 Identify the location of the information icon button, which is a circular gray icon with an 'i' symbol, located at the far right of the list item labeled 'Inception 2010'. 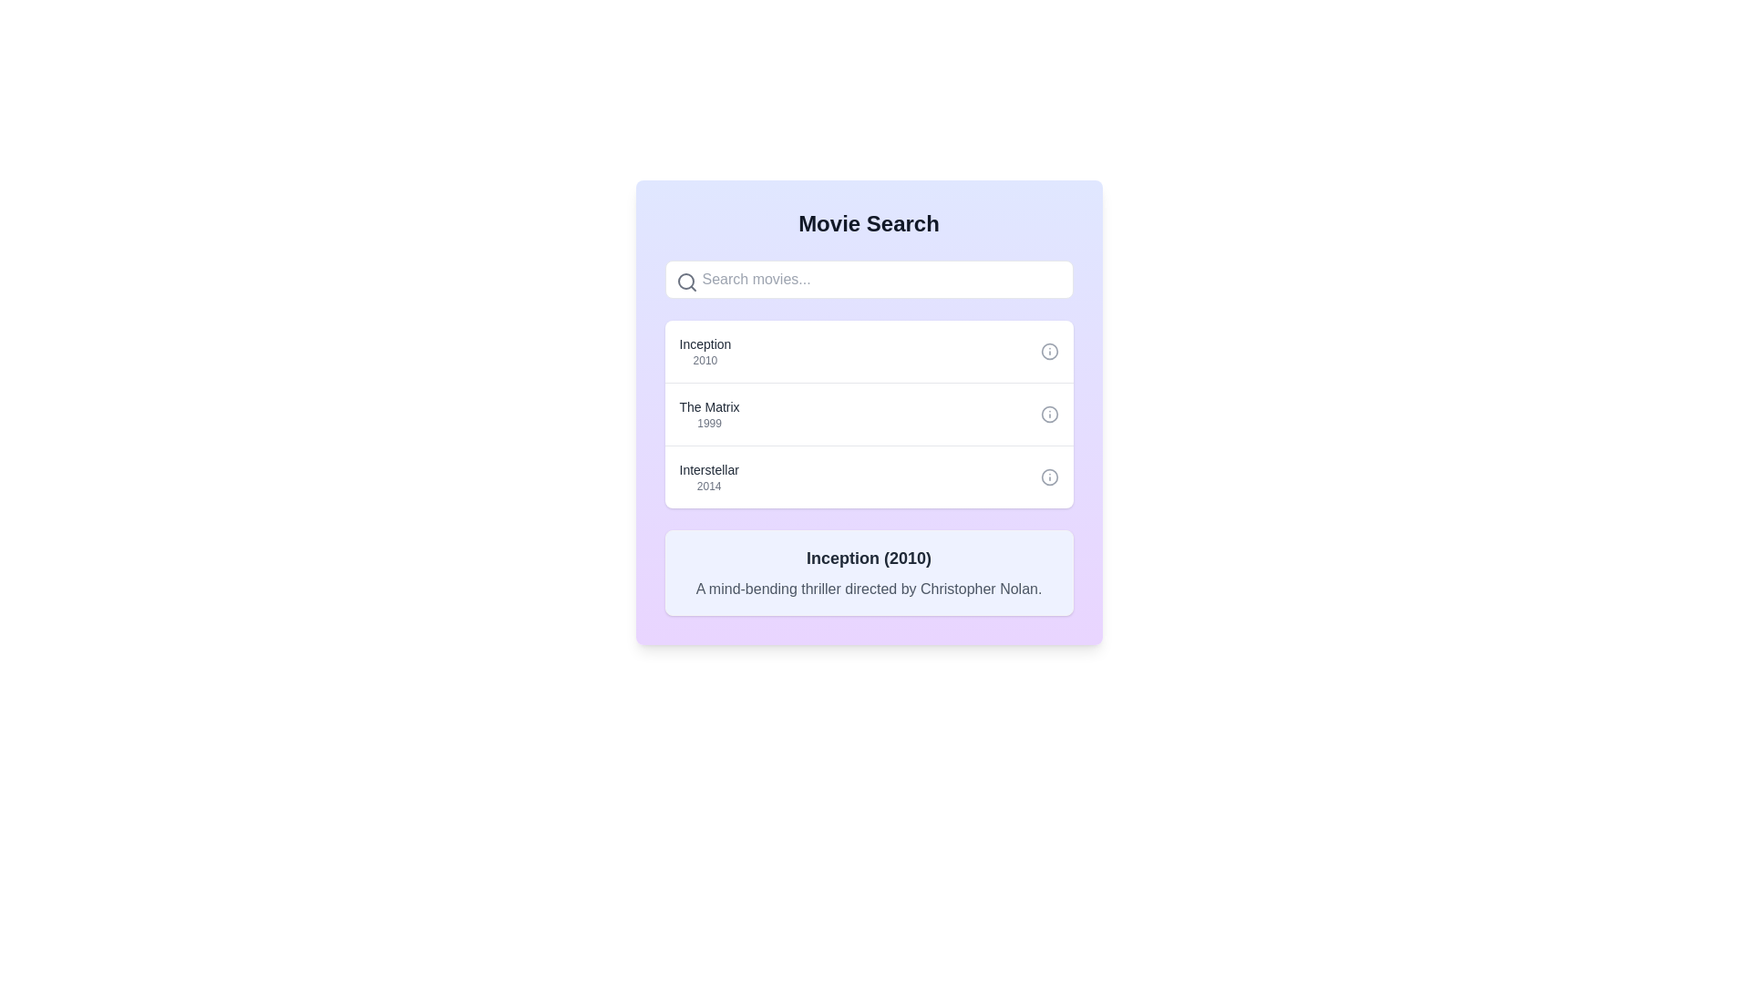
(1049, 351).